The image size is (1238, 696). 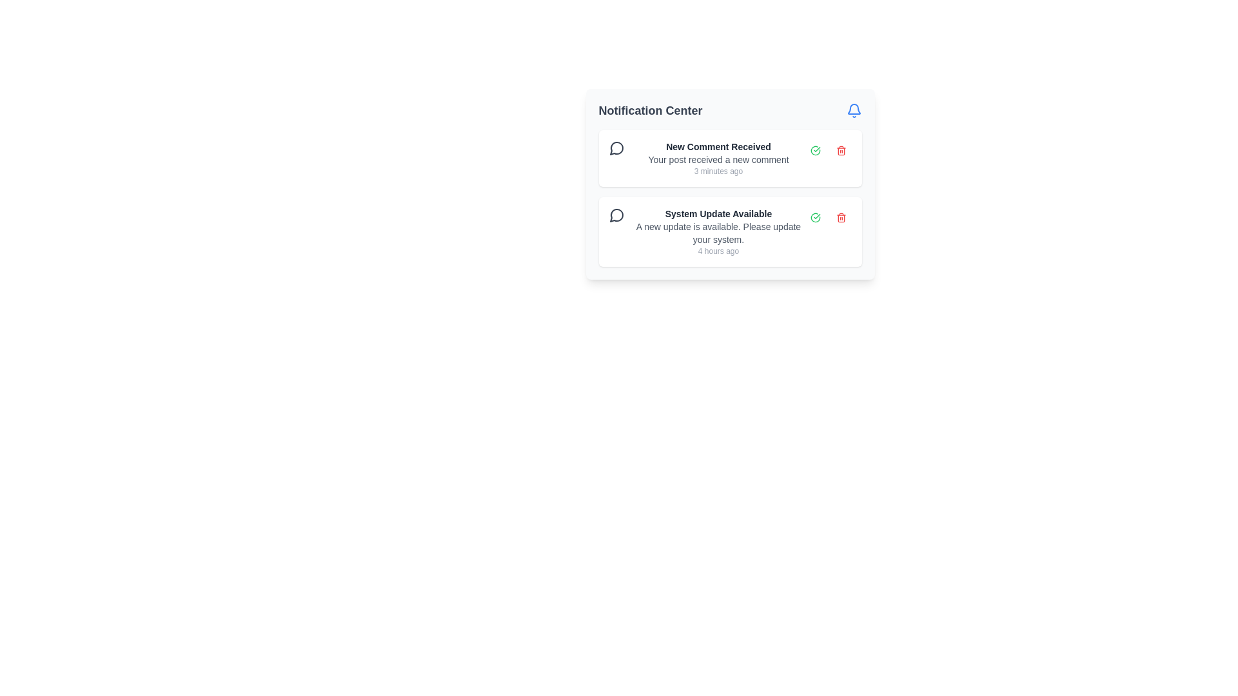 What do you see at coordinates (828, 217) in the screenshot?
I see `the group of two action buttons with icons for the 'System Update Available' notification` at bounding box center [828, 217].